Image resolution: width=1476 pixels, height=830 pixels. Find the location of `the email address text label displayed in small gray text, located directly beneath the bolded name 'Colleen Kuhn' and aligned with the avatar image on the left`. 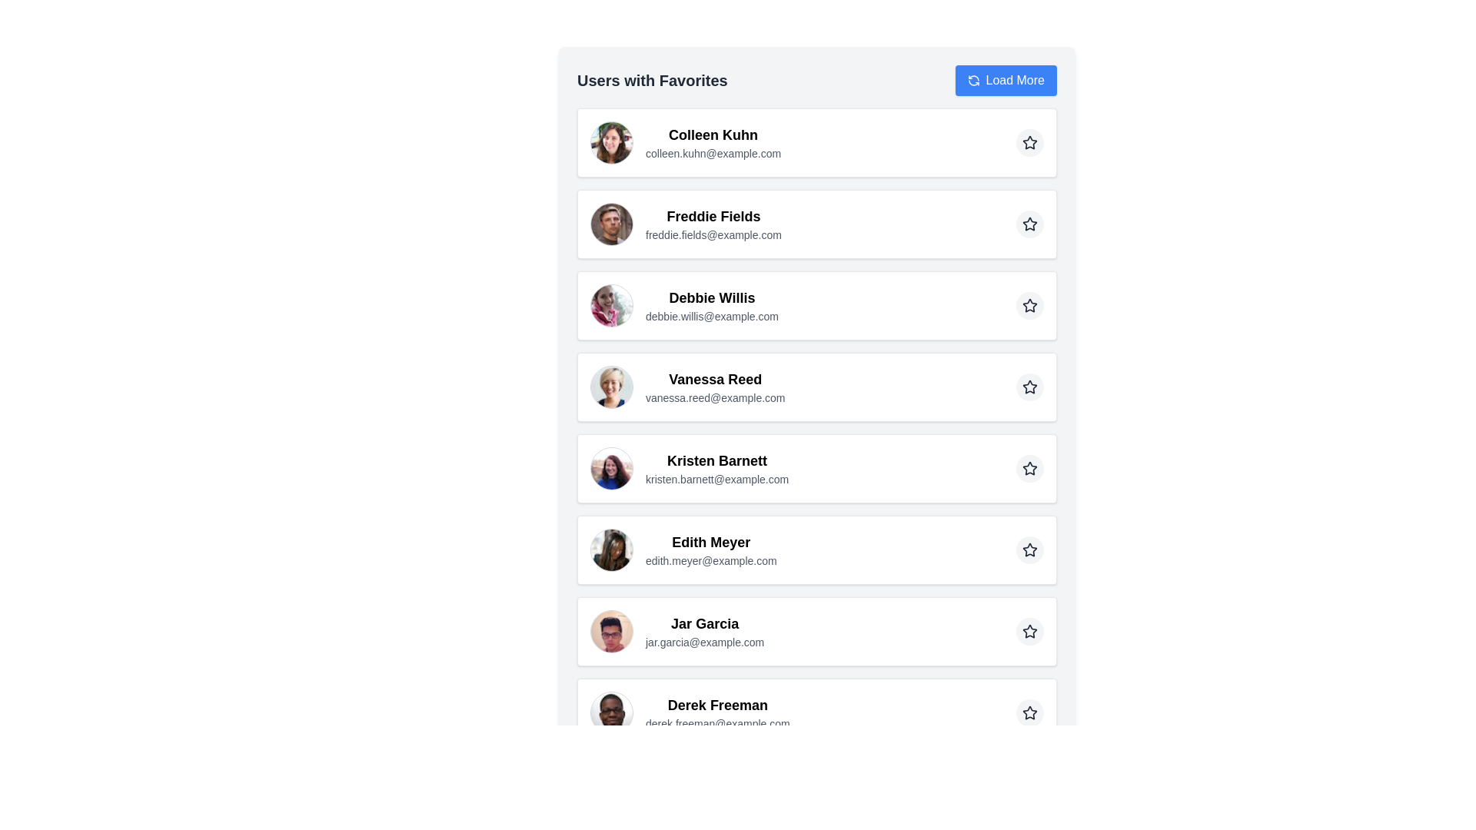

the email address text label displayed in small gray text, located directly beneath the bolded name 'Colleen Kuhn' and aligned with the avatar image on the left is located at coordinates (713, 154).